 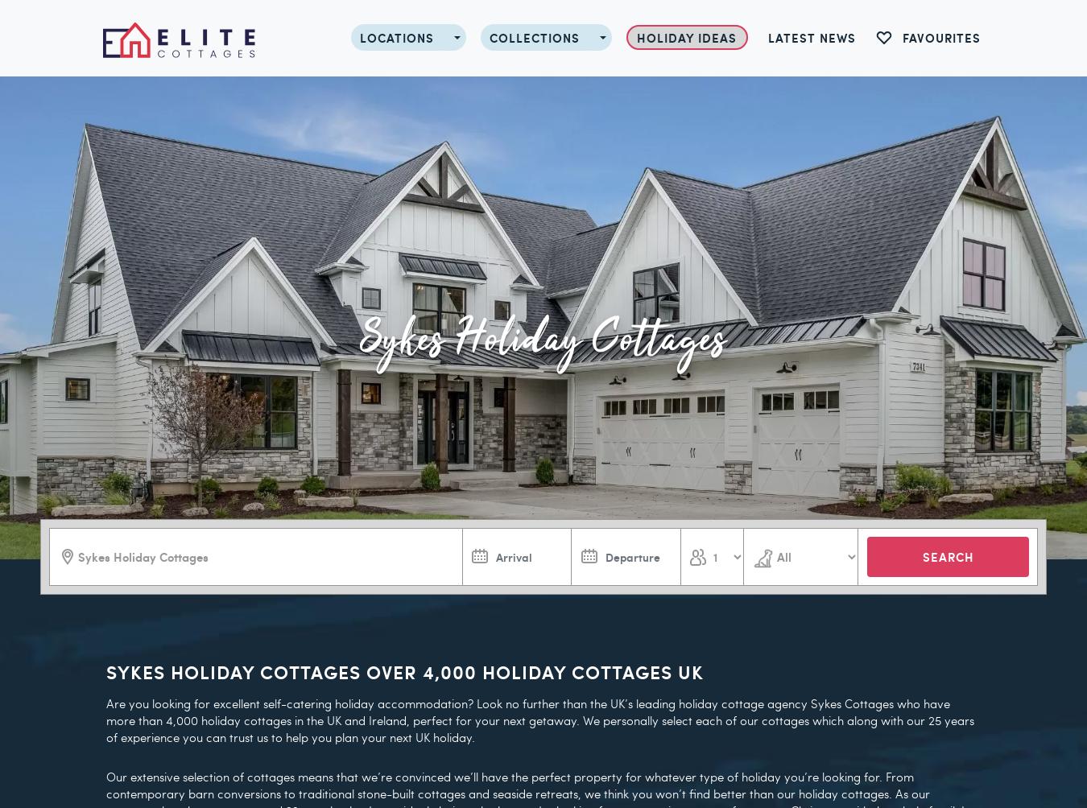 What do you see at coordinates (775, 456) in the screenshot?
I see `'Bedrooms
                                3'` at bounding box center [775, 456].